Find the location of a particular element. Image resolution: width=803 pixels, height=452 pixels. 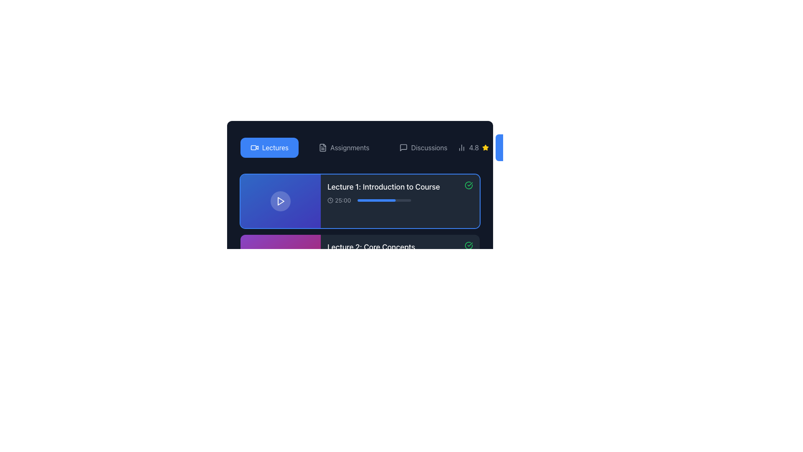

displayed time on the Time indicator with progress bar located below the title 'Lecture 1: Introduction to Course' is located at coordinates (383, 200).